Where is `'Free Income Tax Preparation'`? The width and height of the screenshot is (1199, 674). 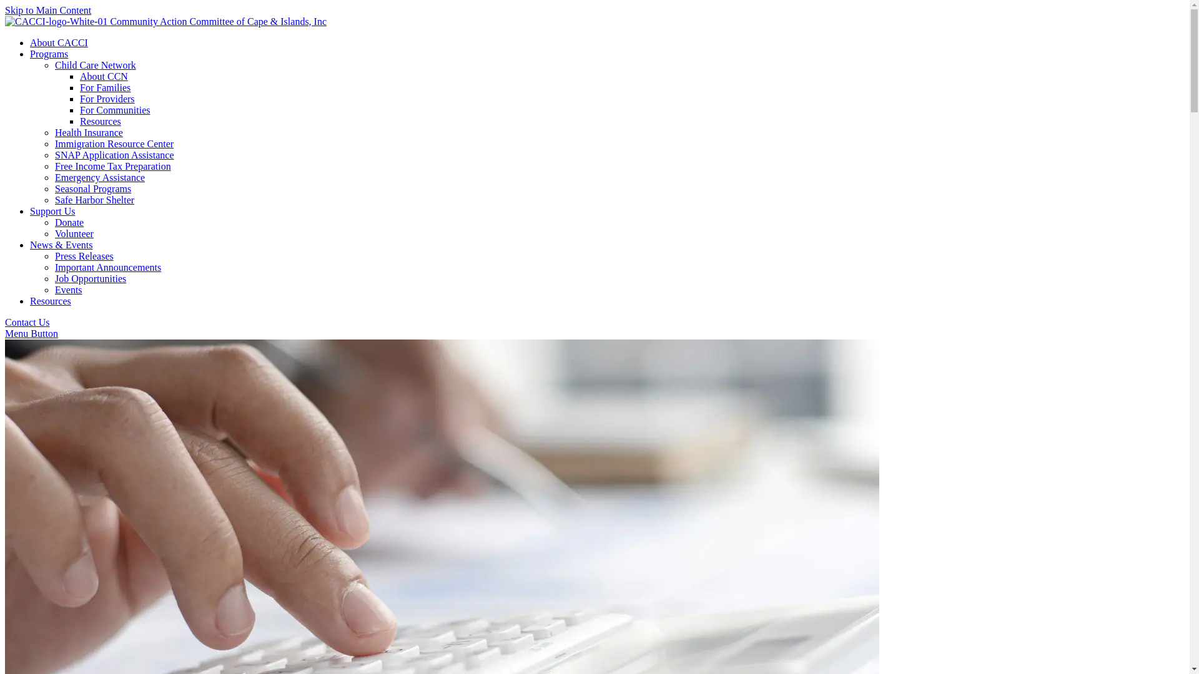 'Free Income Tax Preparation' is located at coordinates (54, 165).